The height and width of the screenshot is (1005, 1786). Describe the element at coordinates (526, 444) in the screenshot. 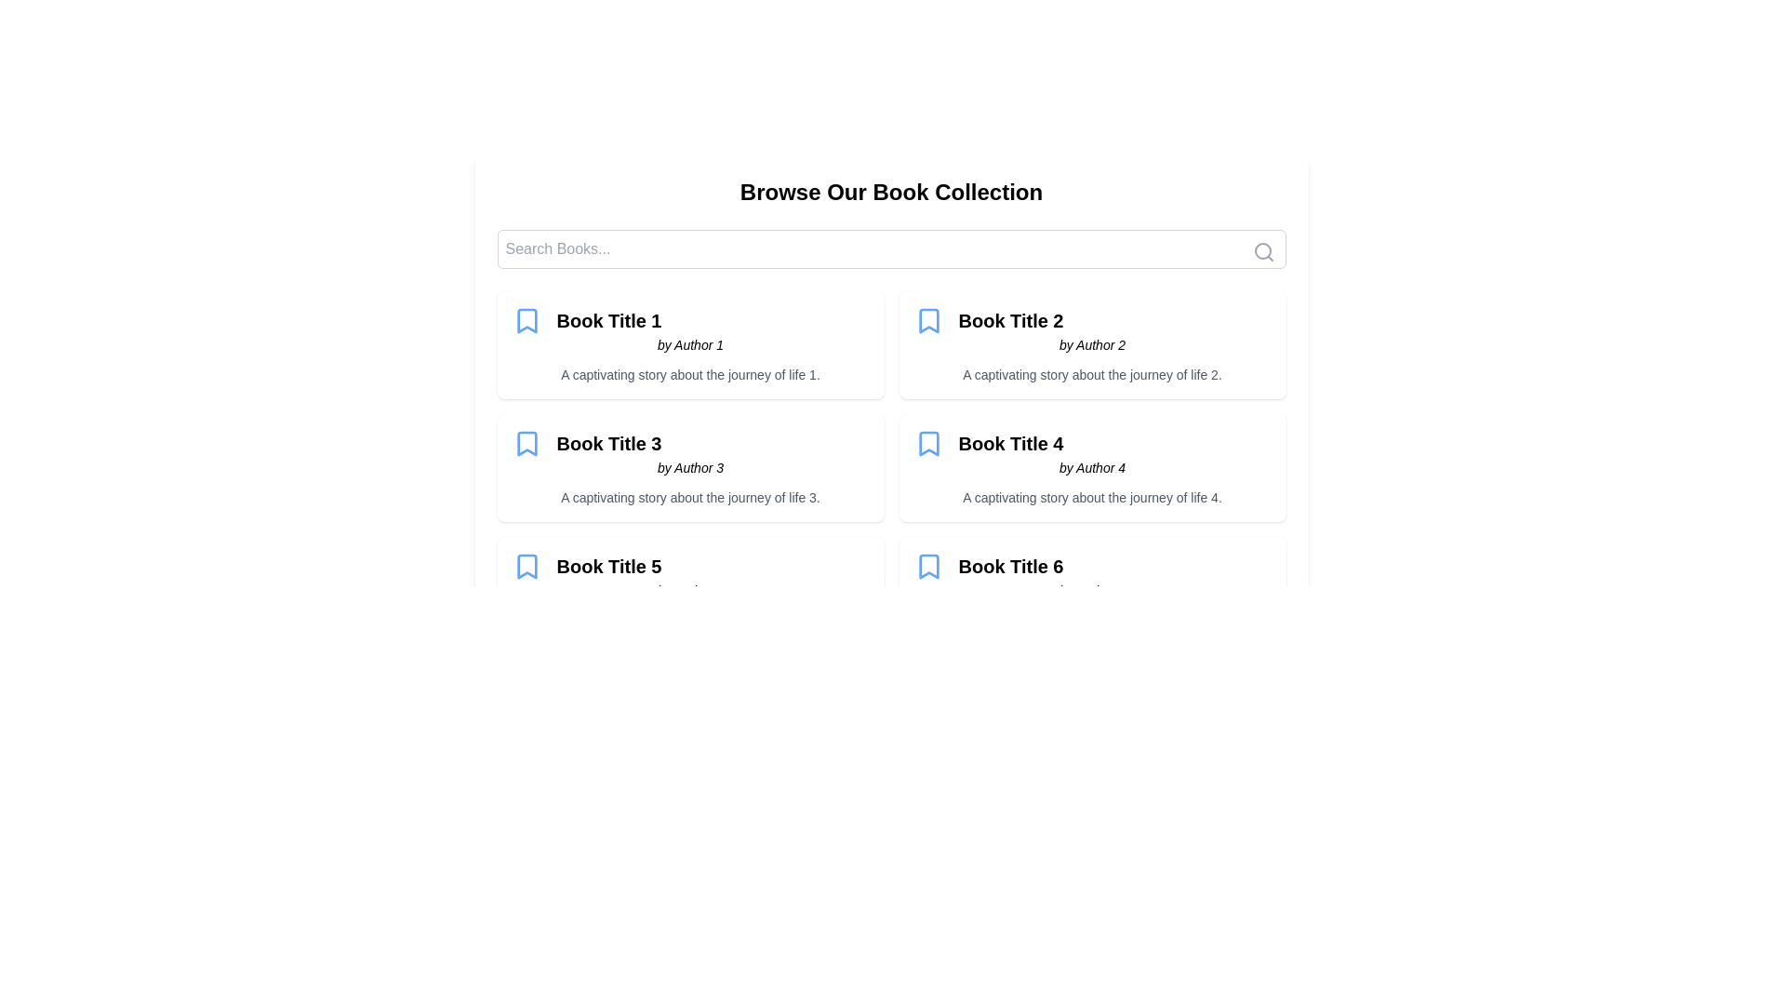

I see `the blue bookmark icon associated with the book titled 'Book Title 3' to interact with it` at that location.